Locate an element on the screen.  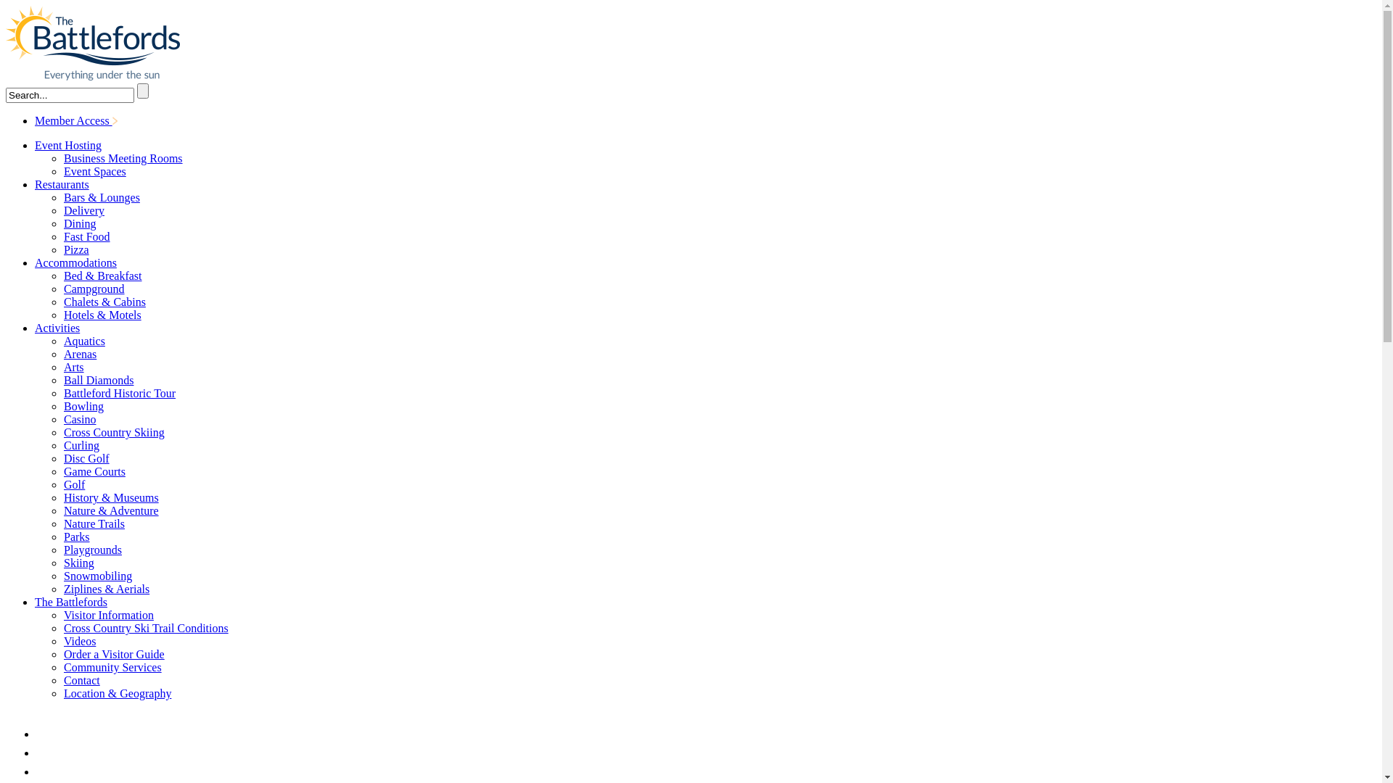
'Fast Food' is located at coordinates (86, 236).